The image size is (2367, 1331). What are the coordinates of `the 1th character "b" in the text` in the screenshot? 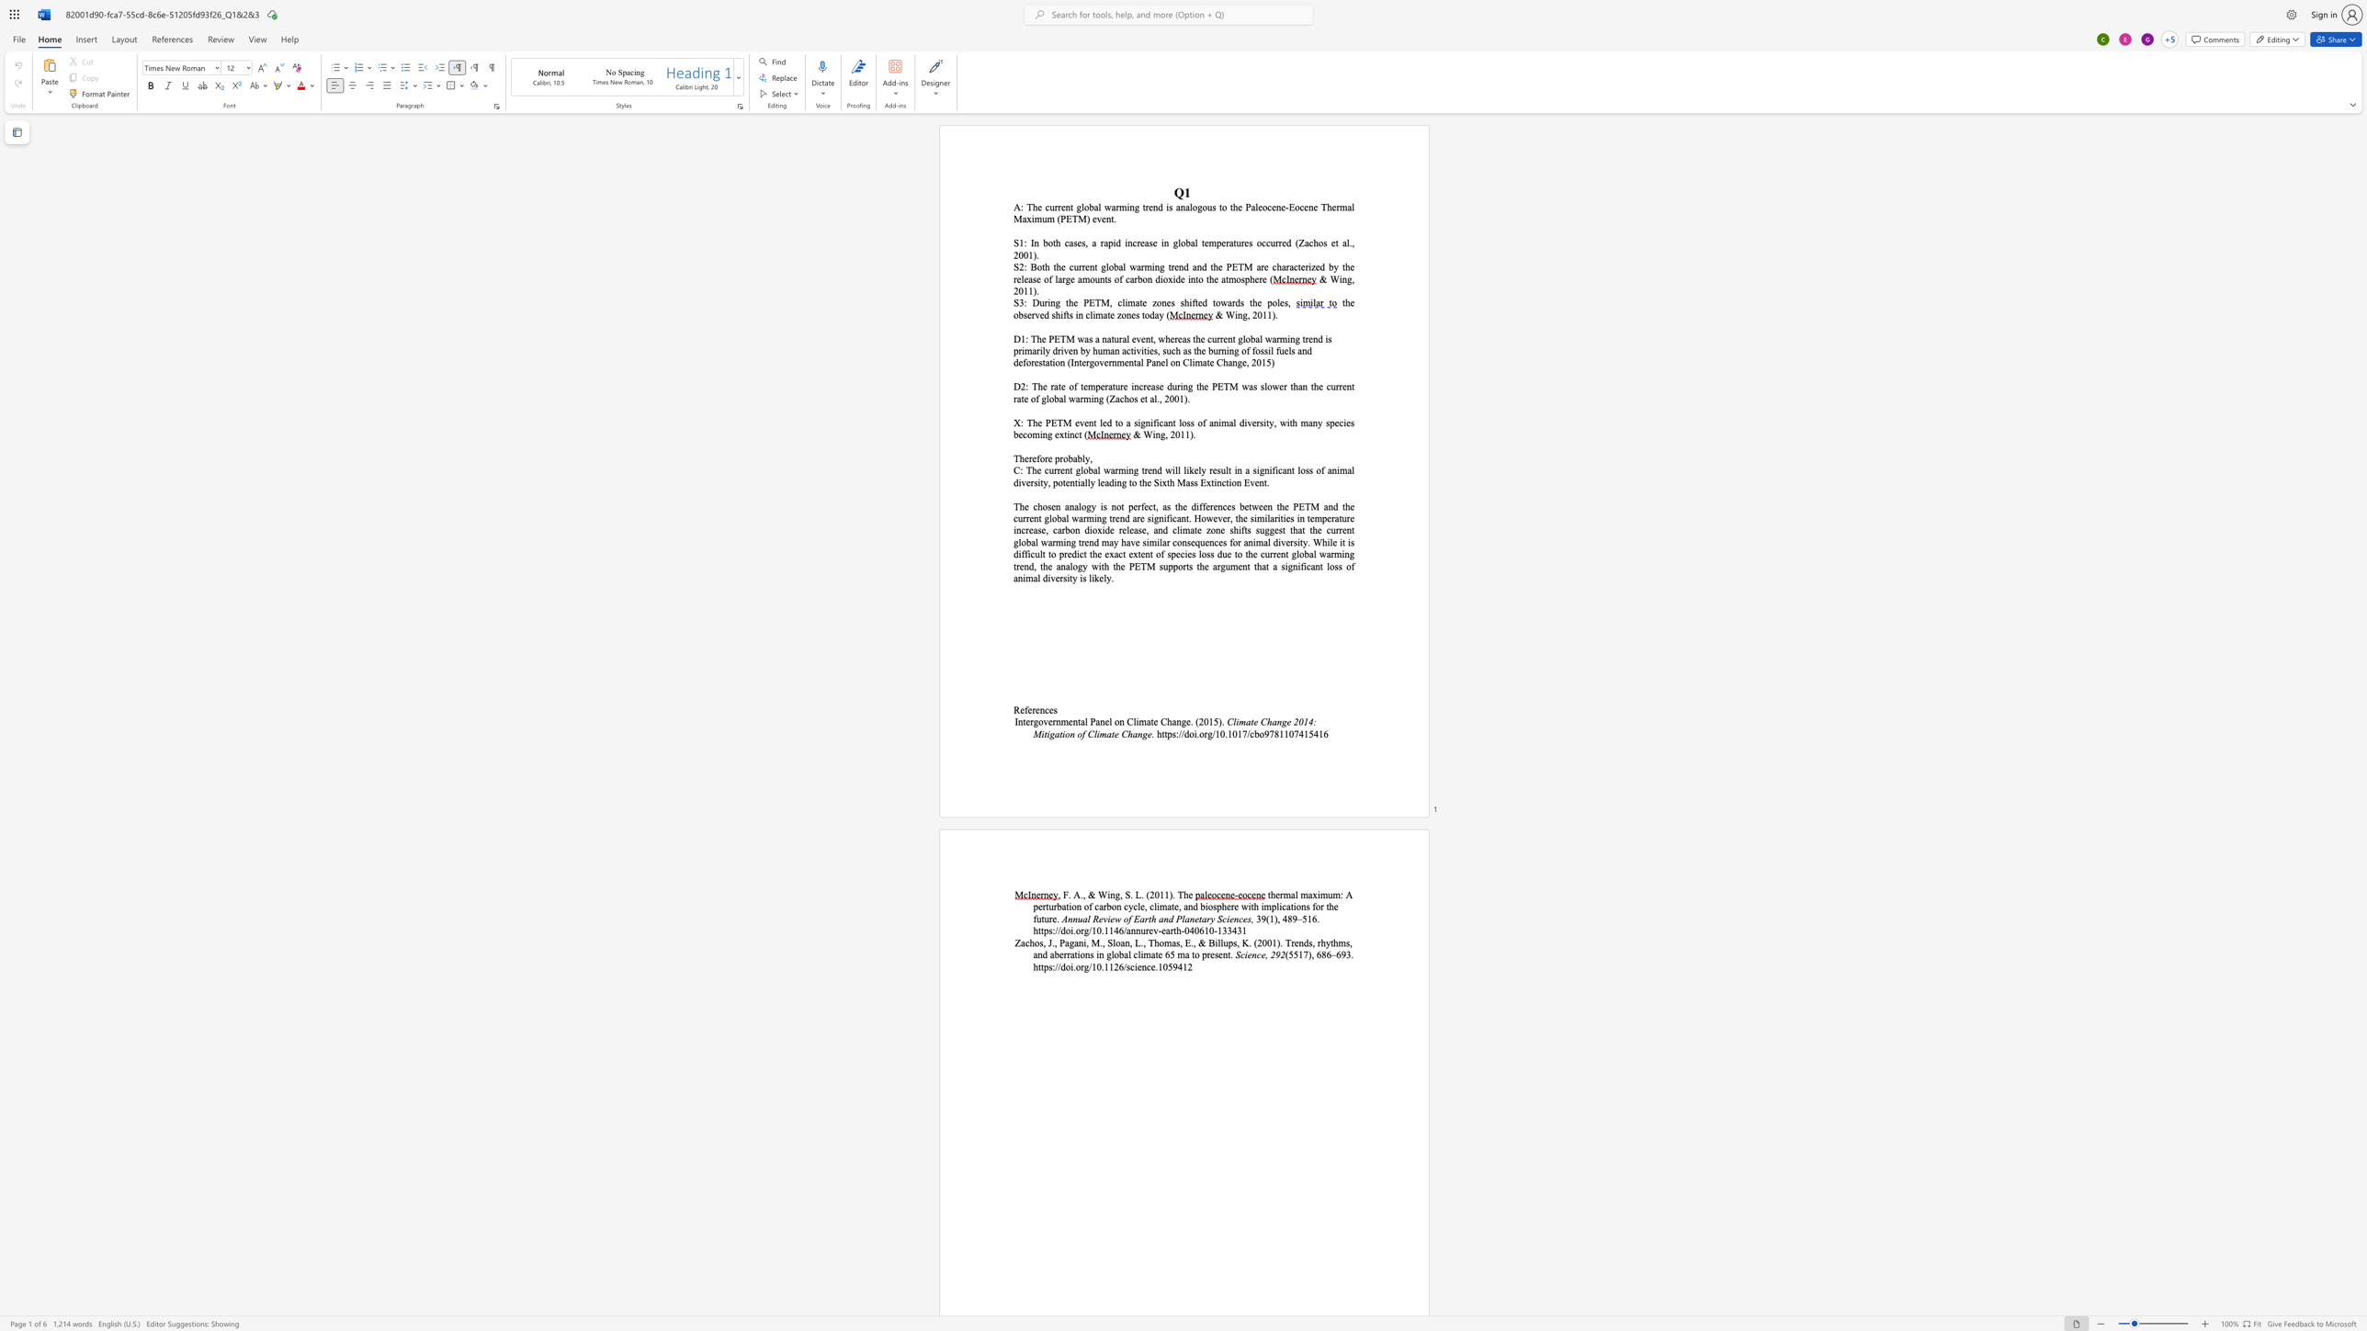 It's located at (1255, 733).